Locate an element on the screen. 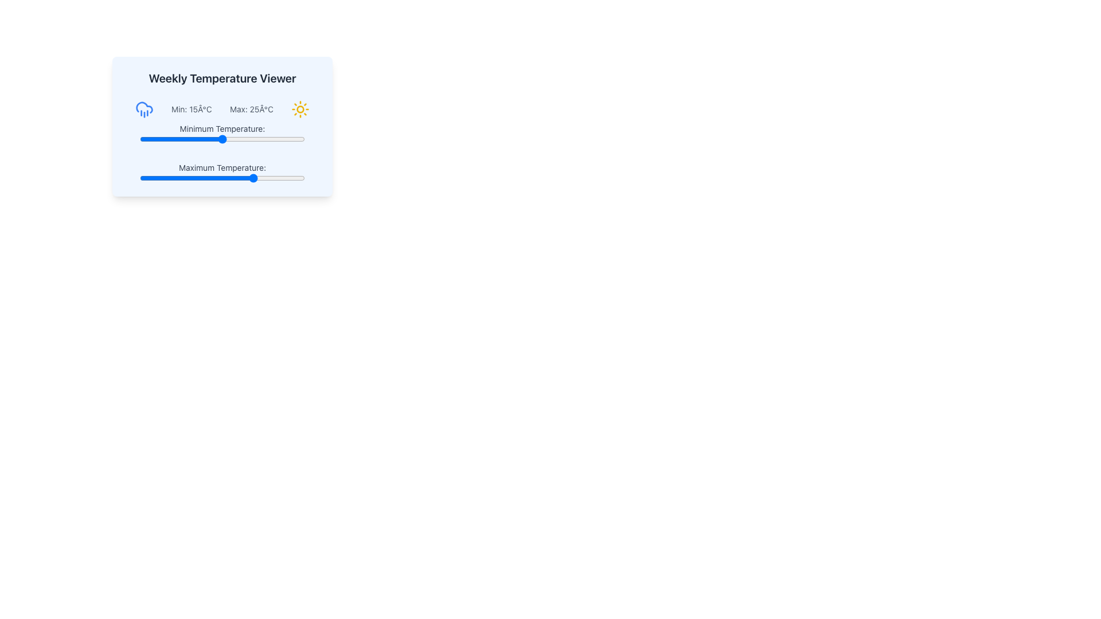 This screenshot has width=1101, height=619. the maximum temperature is located at coordinates (291, 178).